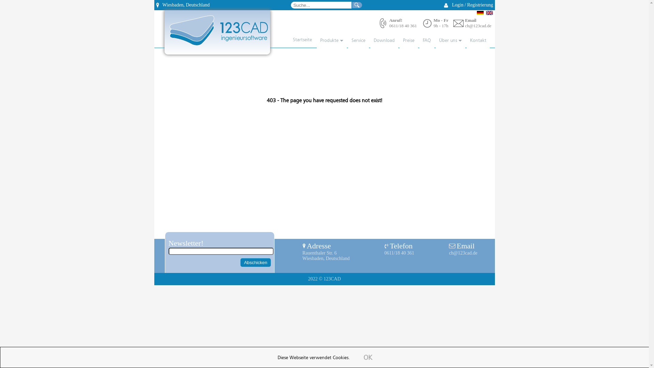  I want to click on 'Startseite', so click(299, 40).